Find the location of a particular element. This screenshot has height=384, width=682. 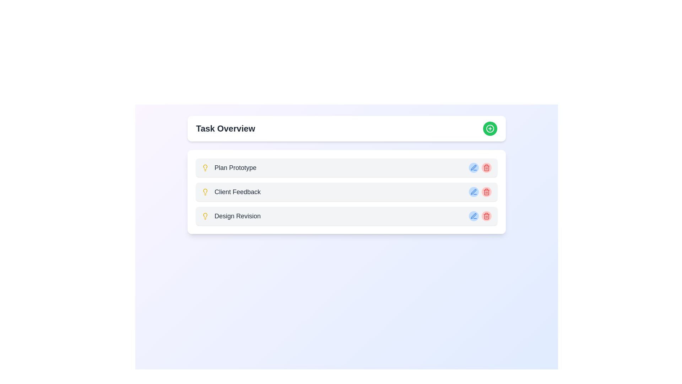

the lightbulb icon located on the left side of the 'Plan Prototype' text in the first row under the 'Task Overview' section is located at coordinates (205, 167).